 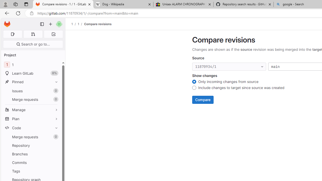 I want to click on 'Unpin Issues', so click(x=55, y=91).